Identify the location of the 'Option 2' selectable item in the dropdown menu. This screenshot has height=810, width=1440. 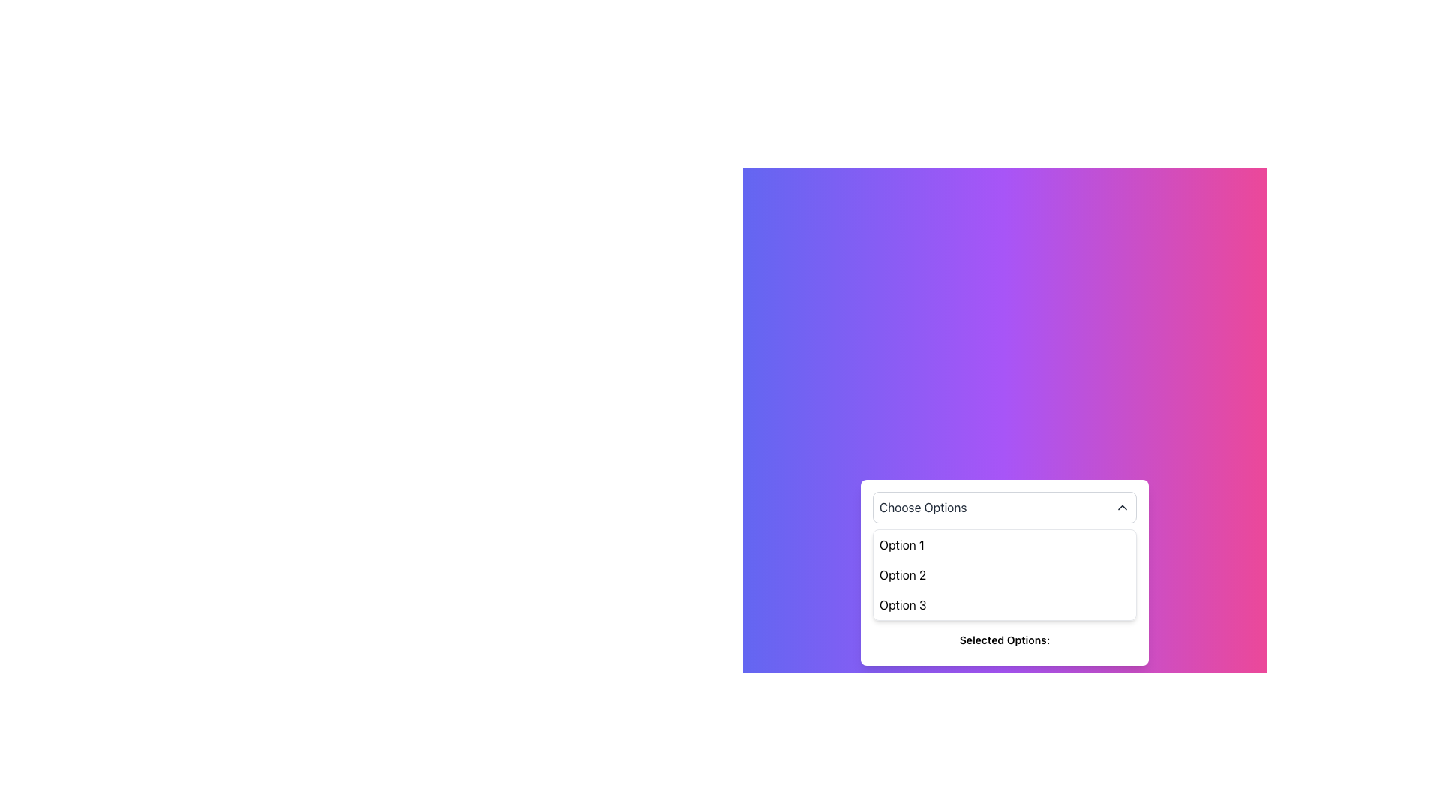
(902, 574).